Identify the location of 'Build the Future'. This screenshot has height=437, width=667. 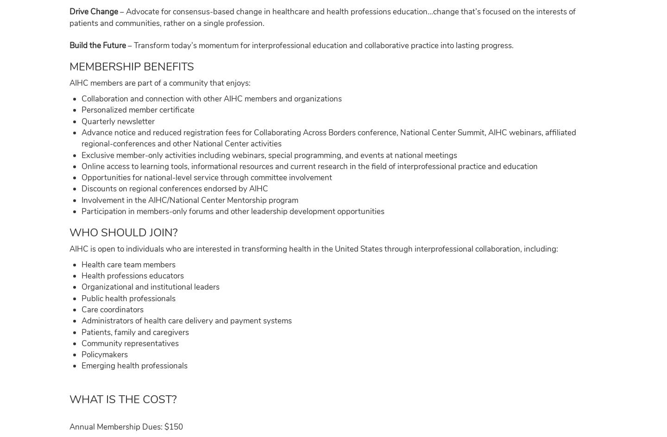
(69, 45).